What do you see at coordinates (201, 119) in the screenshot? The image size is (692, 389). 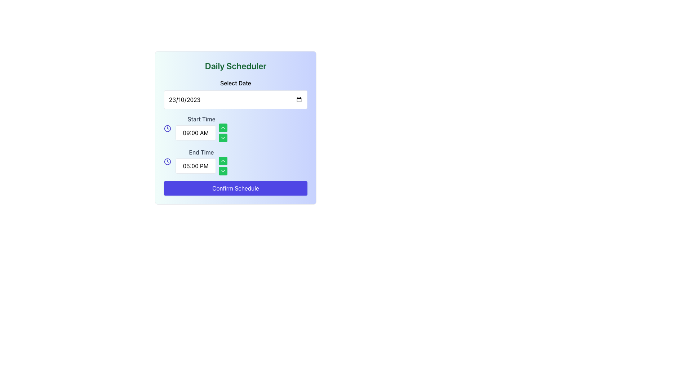 I see `the 'Start Time' label, which displays plain text in medium font weight and gray color, located in the top-left portion of the time selection group` at bounding box center [201, 119].